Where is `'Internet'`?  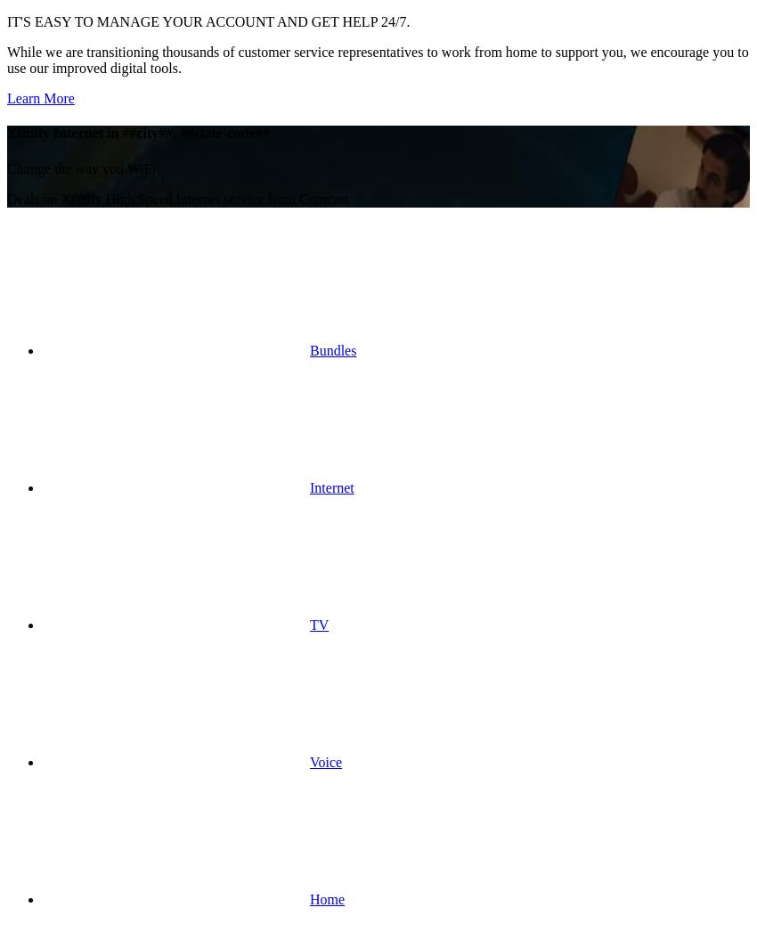
'Internet' is located at coordinates (330, 486).